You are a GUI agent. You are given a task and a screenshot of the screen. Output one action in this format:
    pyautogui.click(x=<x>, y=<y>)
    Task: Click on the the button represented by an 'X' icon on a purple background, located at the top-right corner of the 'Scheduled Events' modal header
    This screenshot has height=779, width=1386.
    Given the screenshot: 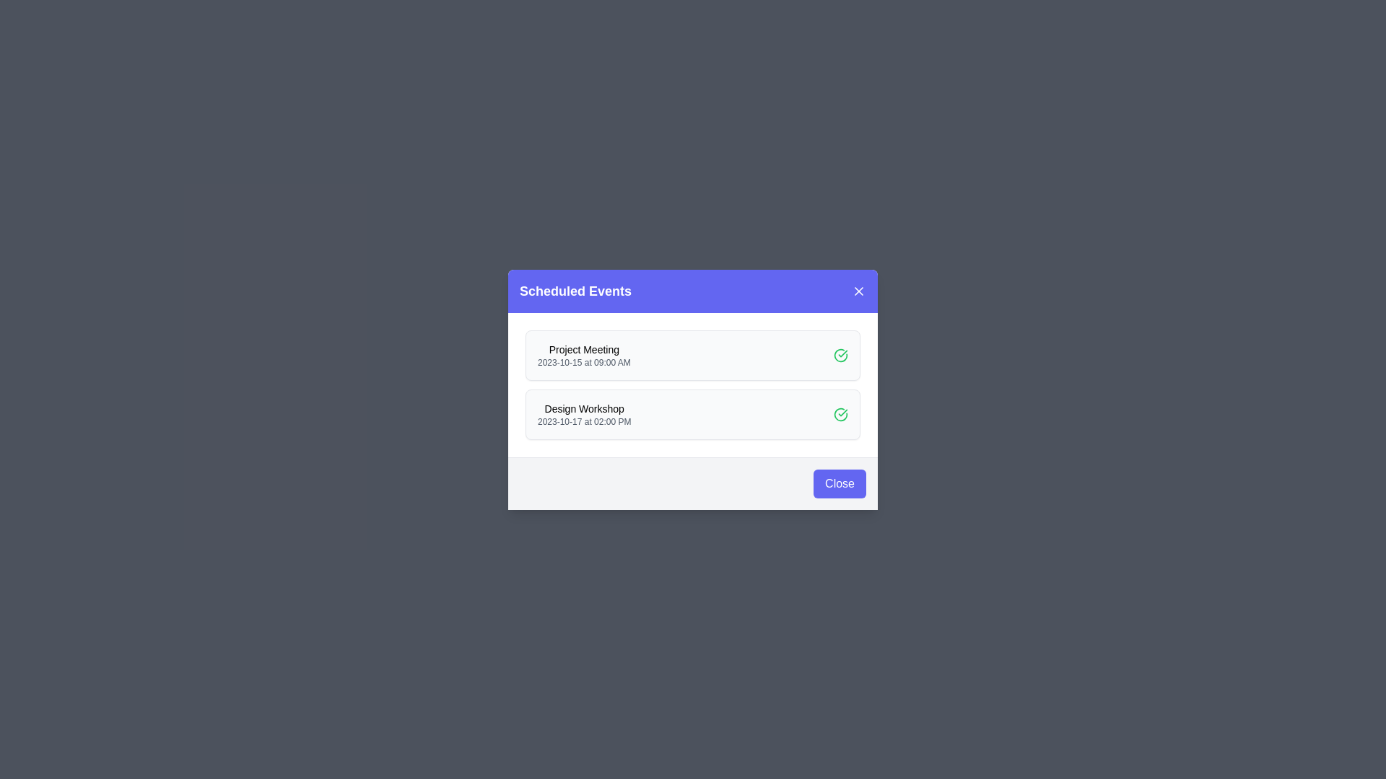 What is the action you would take?
    pyautogui.click(x=859, y=291)
    